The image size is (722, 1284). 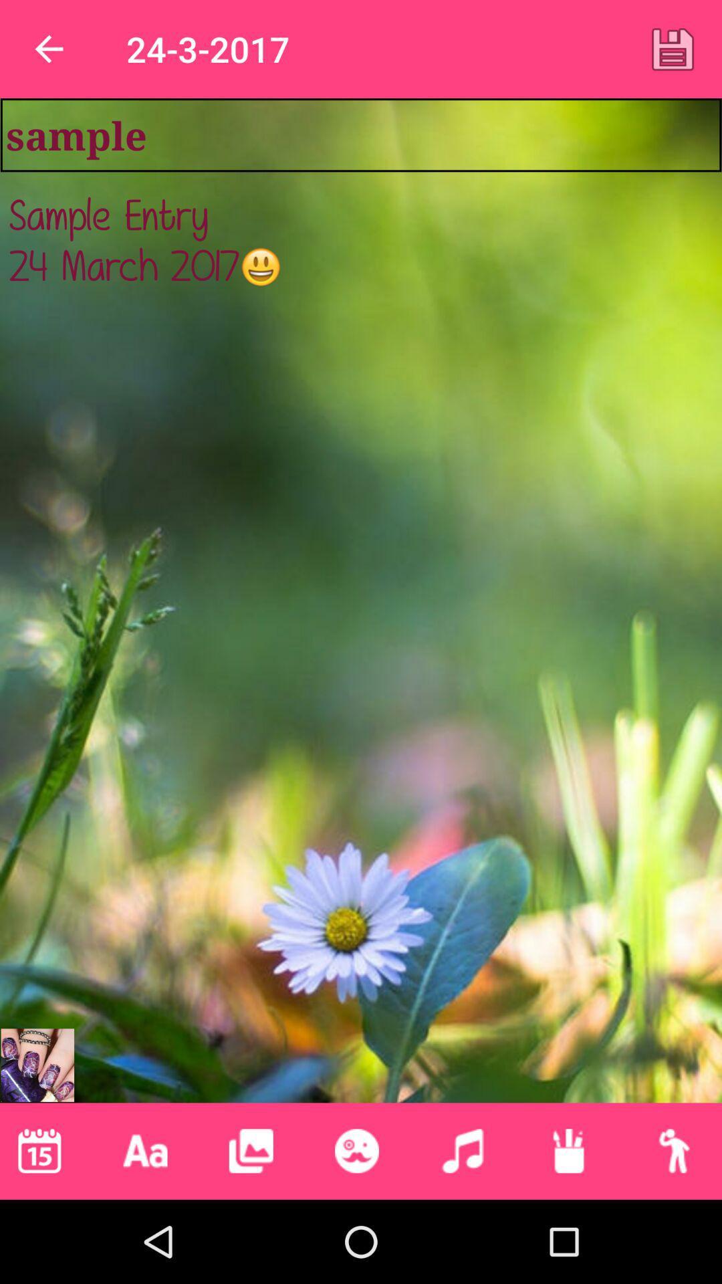 What do you see at coordinates (39, 1150) in the screenshot?
I see `calendar` at bounding box center [39, 1150].